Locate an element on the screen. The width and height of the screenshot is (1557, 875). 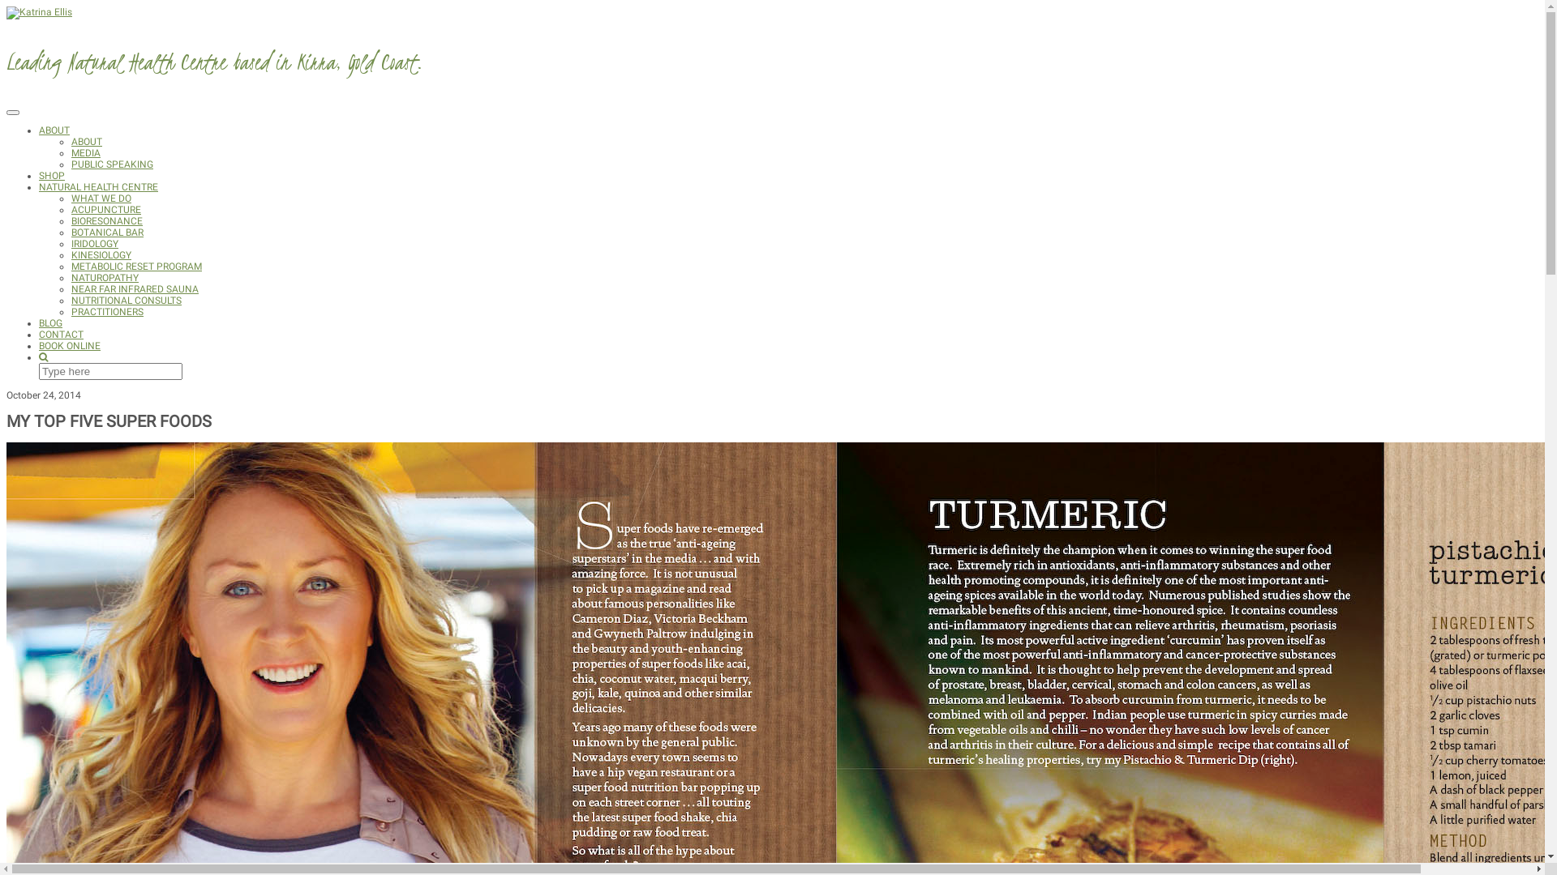
'NEAR FAR INFRARED SAUNA' is located at coordinates (70, 288).